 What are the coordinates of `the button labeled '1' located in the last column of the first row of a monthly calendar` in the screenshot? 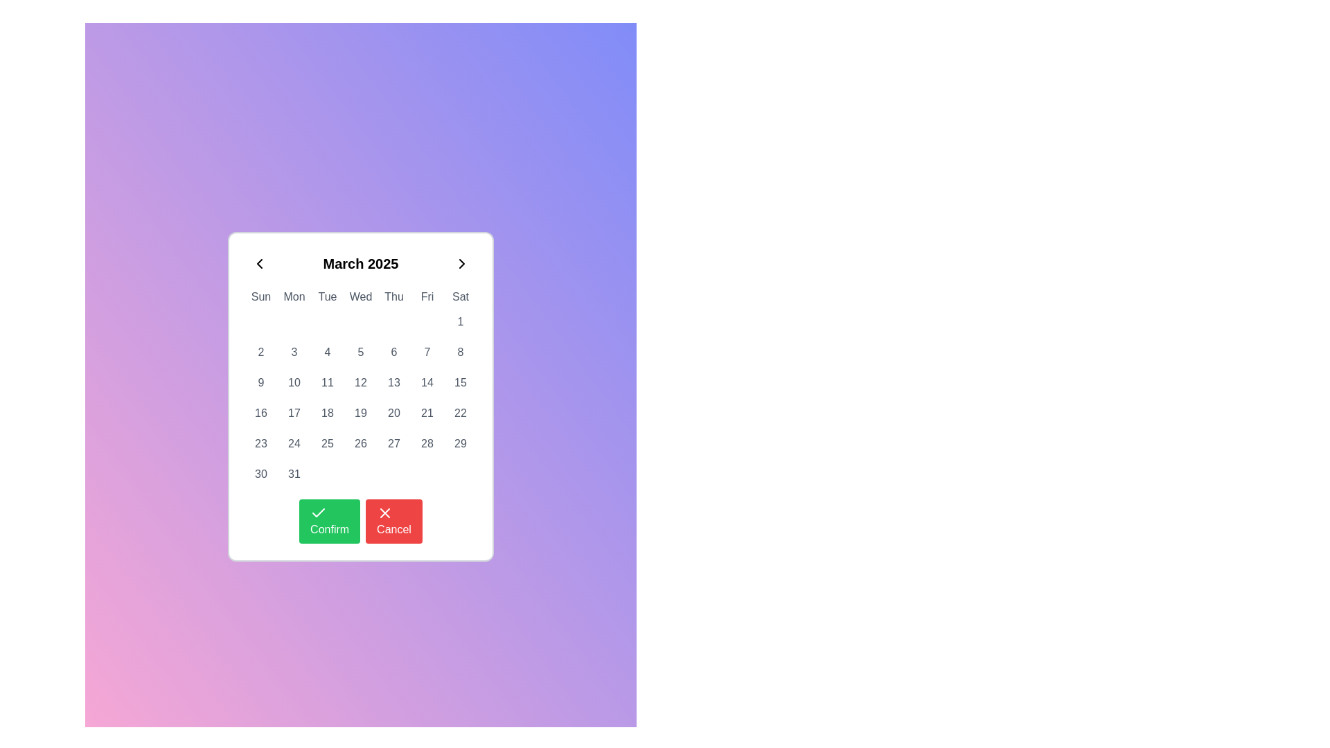 It's located at (461, 322).